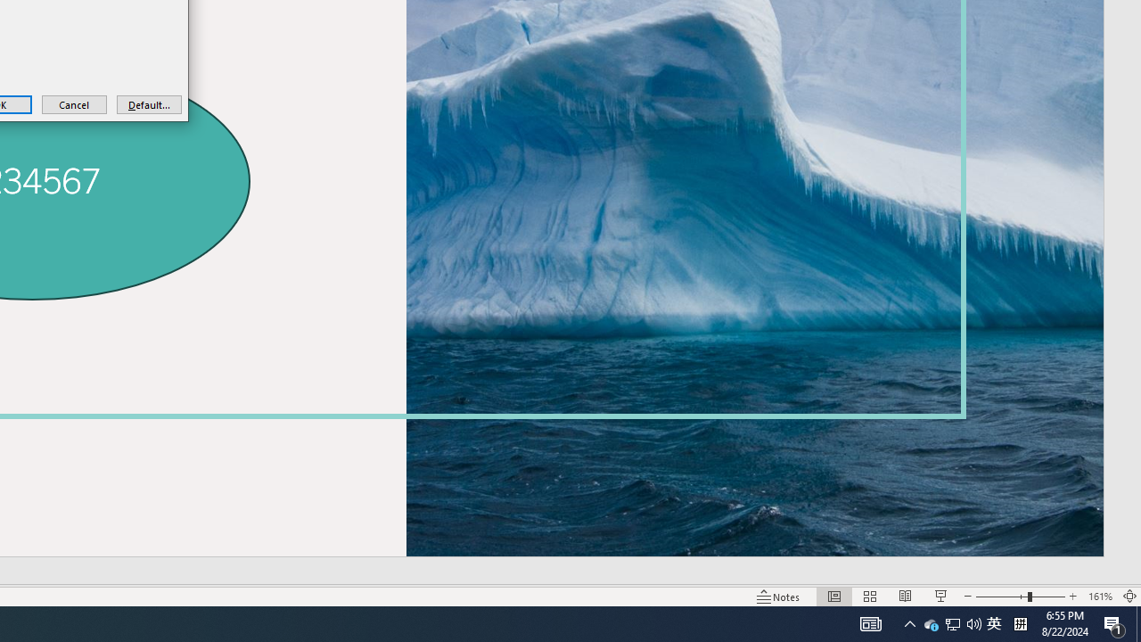  I want to click on 'Show desktop', so click(1137, 622).